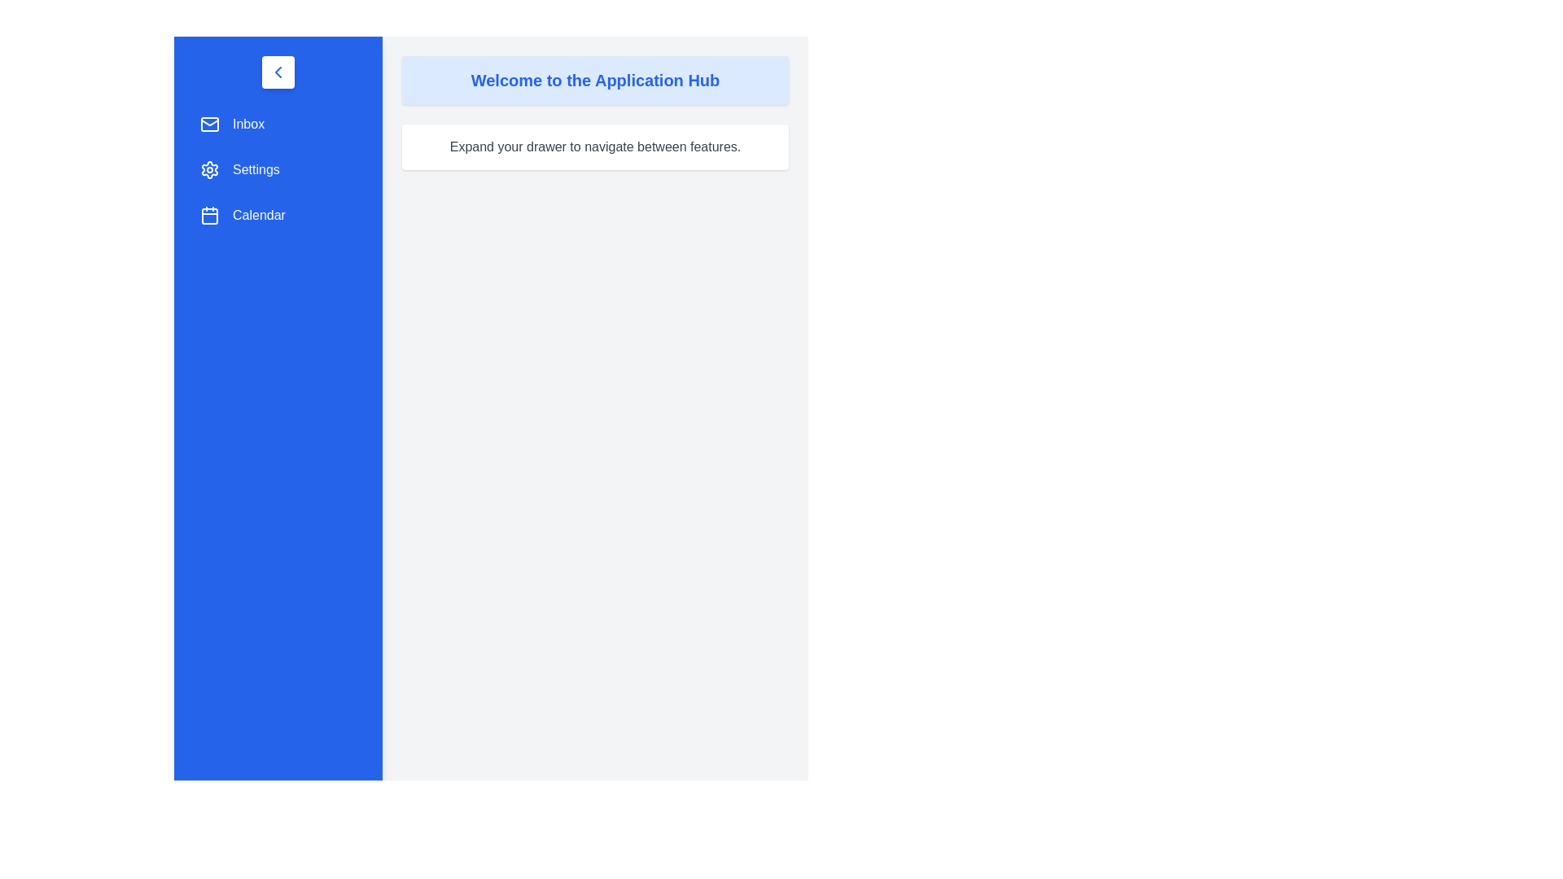 The height and width of the screenshot is (879, 1563). Describe the element at coordinates (278, 71) in the screenshot. I see `the toggle button to change the sidebar state` at that location.